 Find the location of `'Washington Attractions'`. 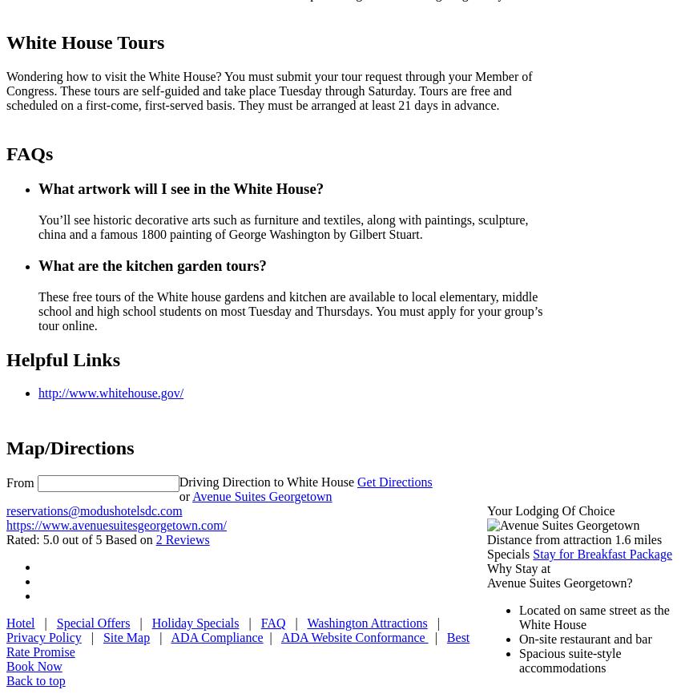

'Washington Attractions' is located at coordinates (365, 622).